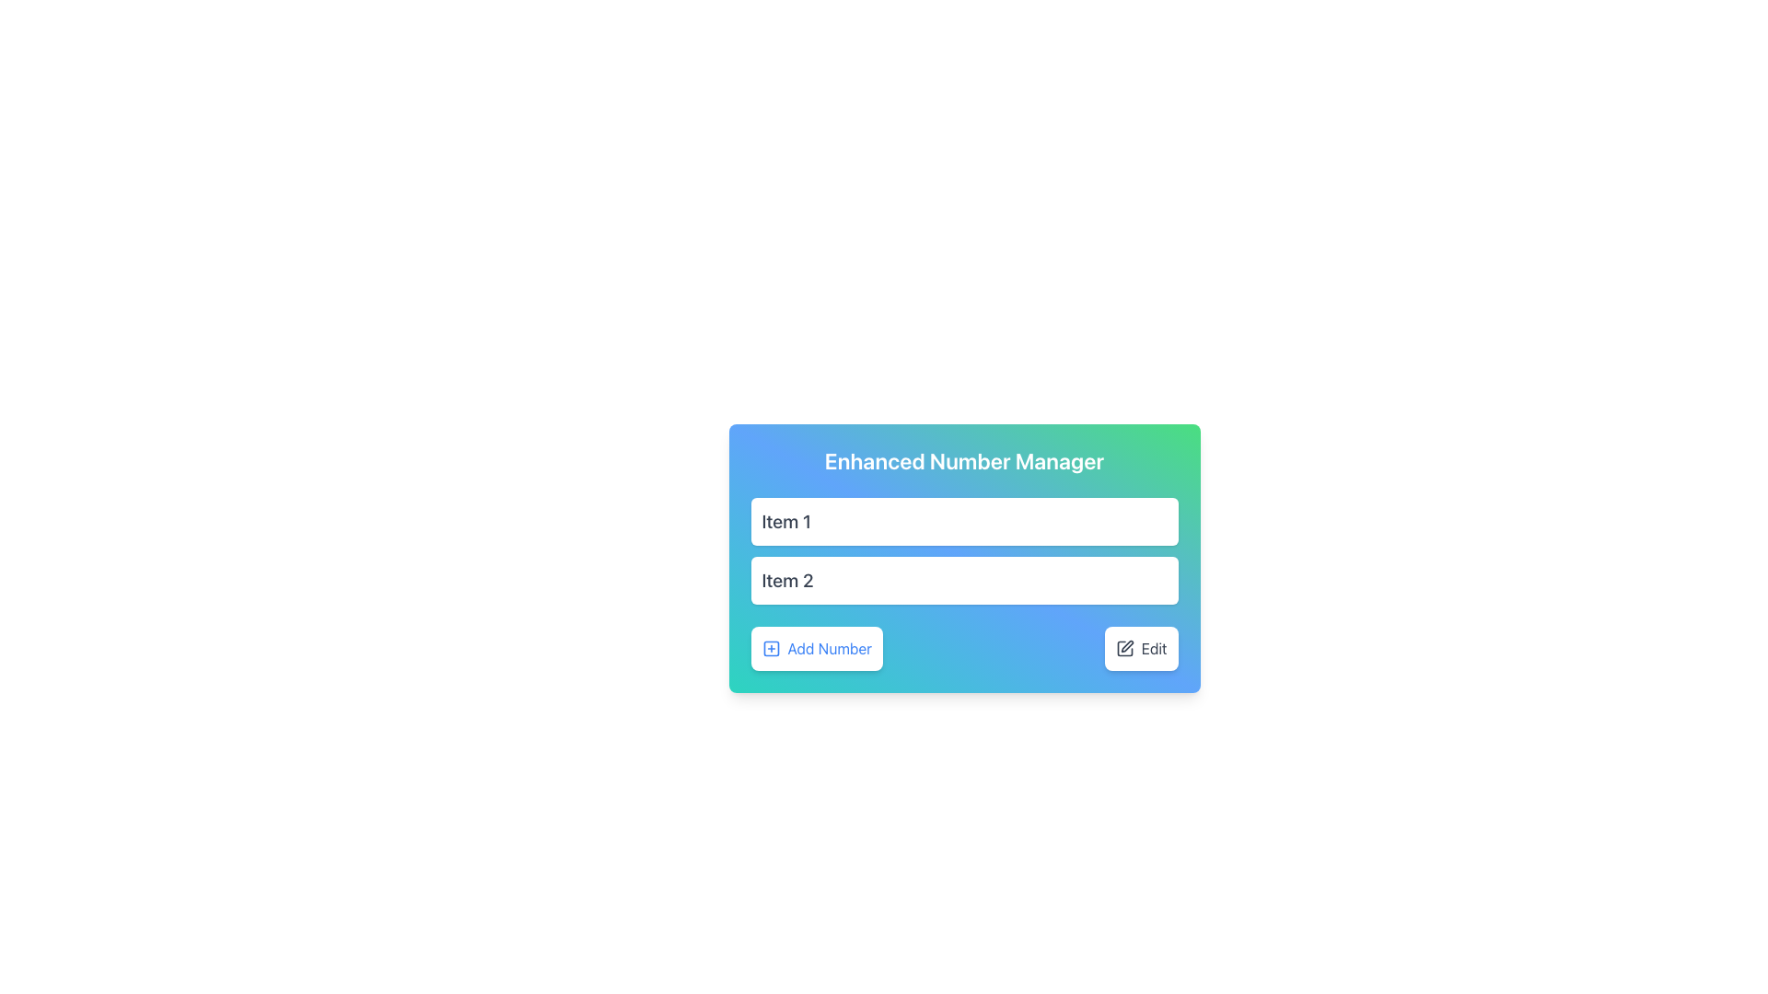 This screenshot has width=1768, height=994. I want to click on to select the list item labeled 'Item 2', which is the second item in a vertical list of selectable items, so click(963, 581).